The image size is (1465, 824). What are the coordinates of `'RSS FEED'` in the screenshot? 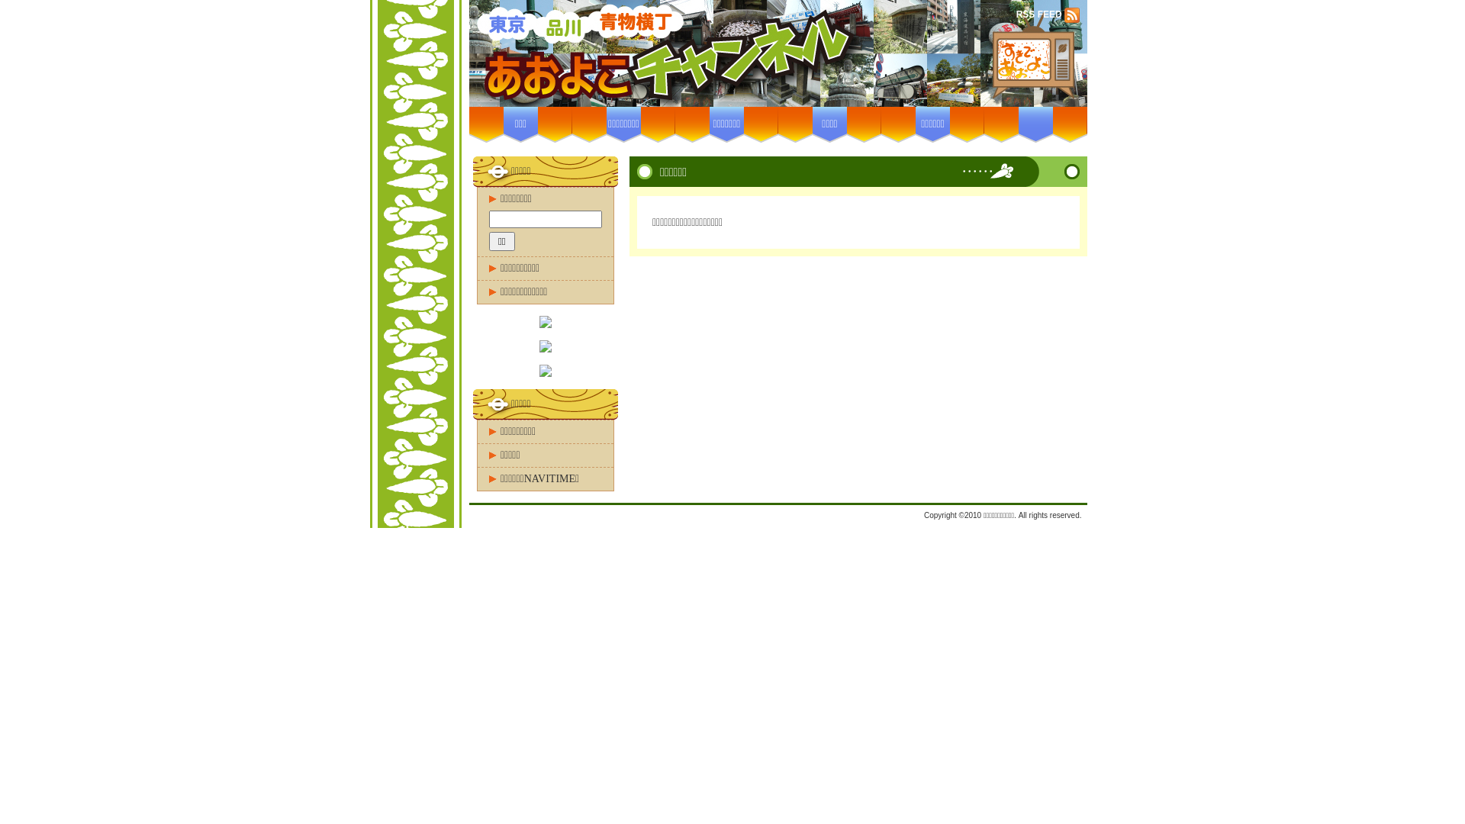 It's located at (1039, 14).